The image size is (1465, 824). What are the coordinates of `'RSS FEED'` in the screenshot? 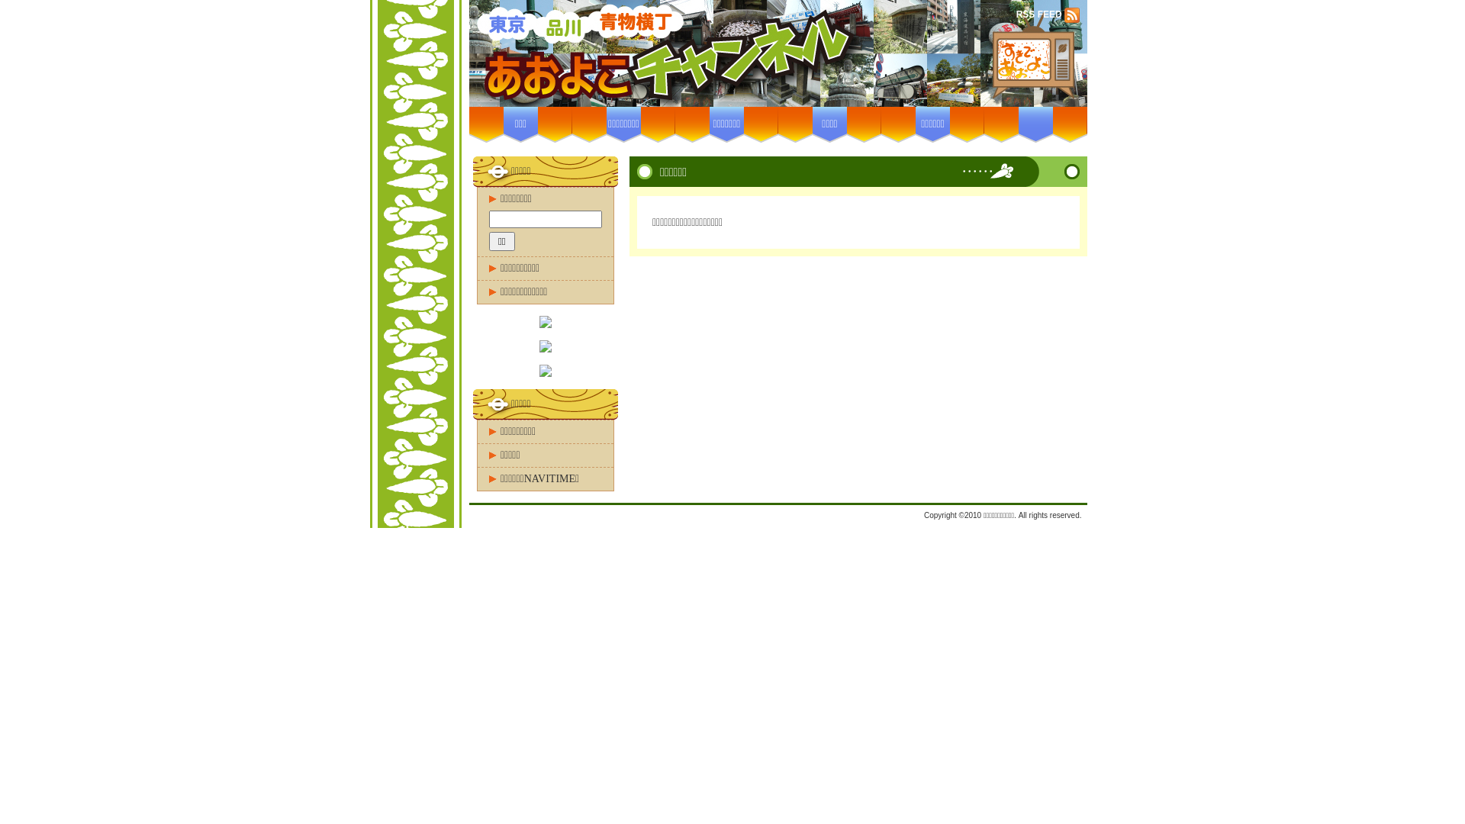 It's located at (1039, 14).